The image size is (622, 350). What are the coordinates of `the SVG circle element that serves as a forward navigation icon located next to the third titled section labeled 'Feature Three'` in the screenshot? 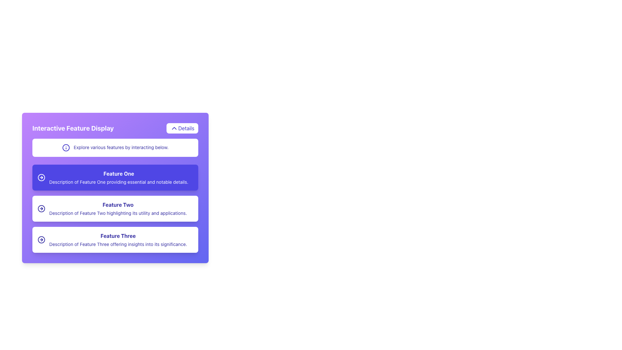 It's located at (41, 240).